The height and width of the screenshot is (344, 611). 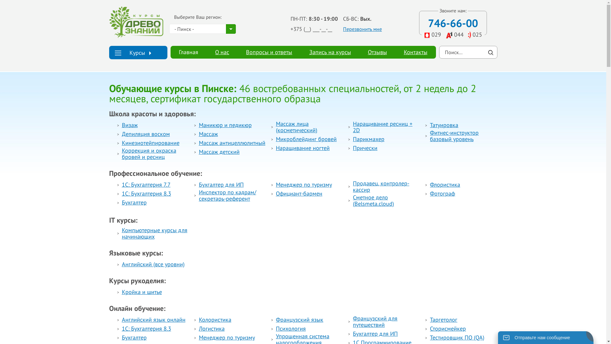 What do you see at coordinates (453, 23) in the screenshot?
I see `'746-66-00'` at bounding box center [453, 23].